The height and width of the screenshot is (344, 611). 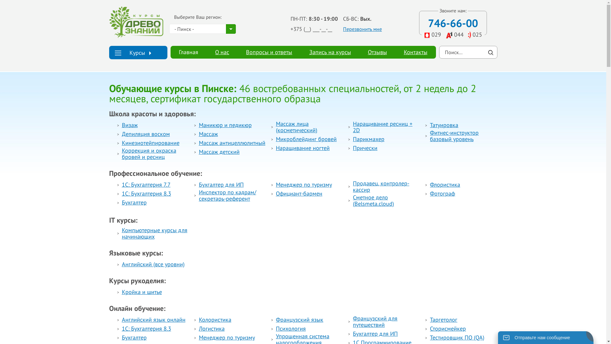 What do you see at coordinates (453, 23) in the screenshot?
I see `'746-66-00'` at bounding box center [453, 23].